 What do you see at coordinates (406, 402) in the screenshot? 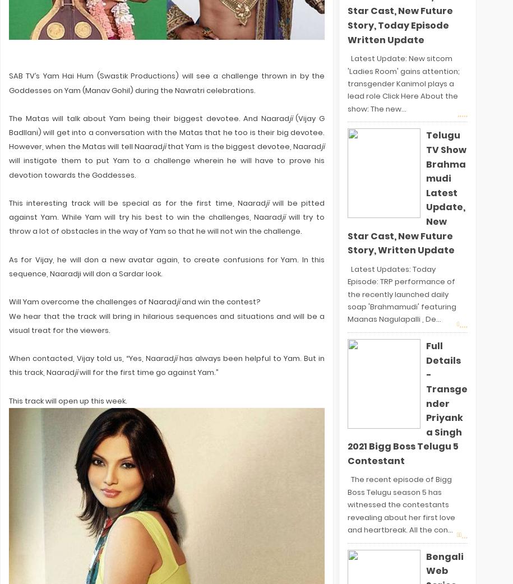
I see `'Full Details - Transgender Priyanka Singh 2021 Bigg Boss Telugu 5 Contestant'` at bounding box center [406, 402].